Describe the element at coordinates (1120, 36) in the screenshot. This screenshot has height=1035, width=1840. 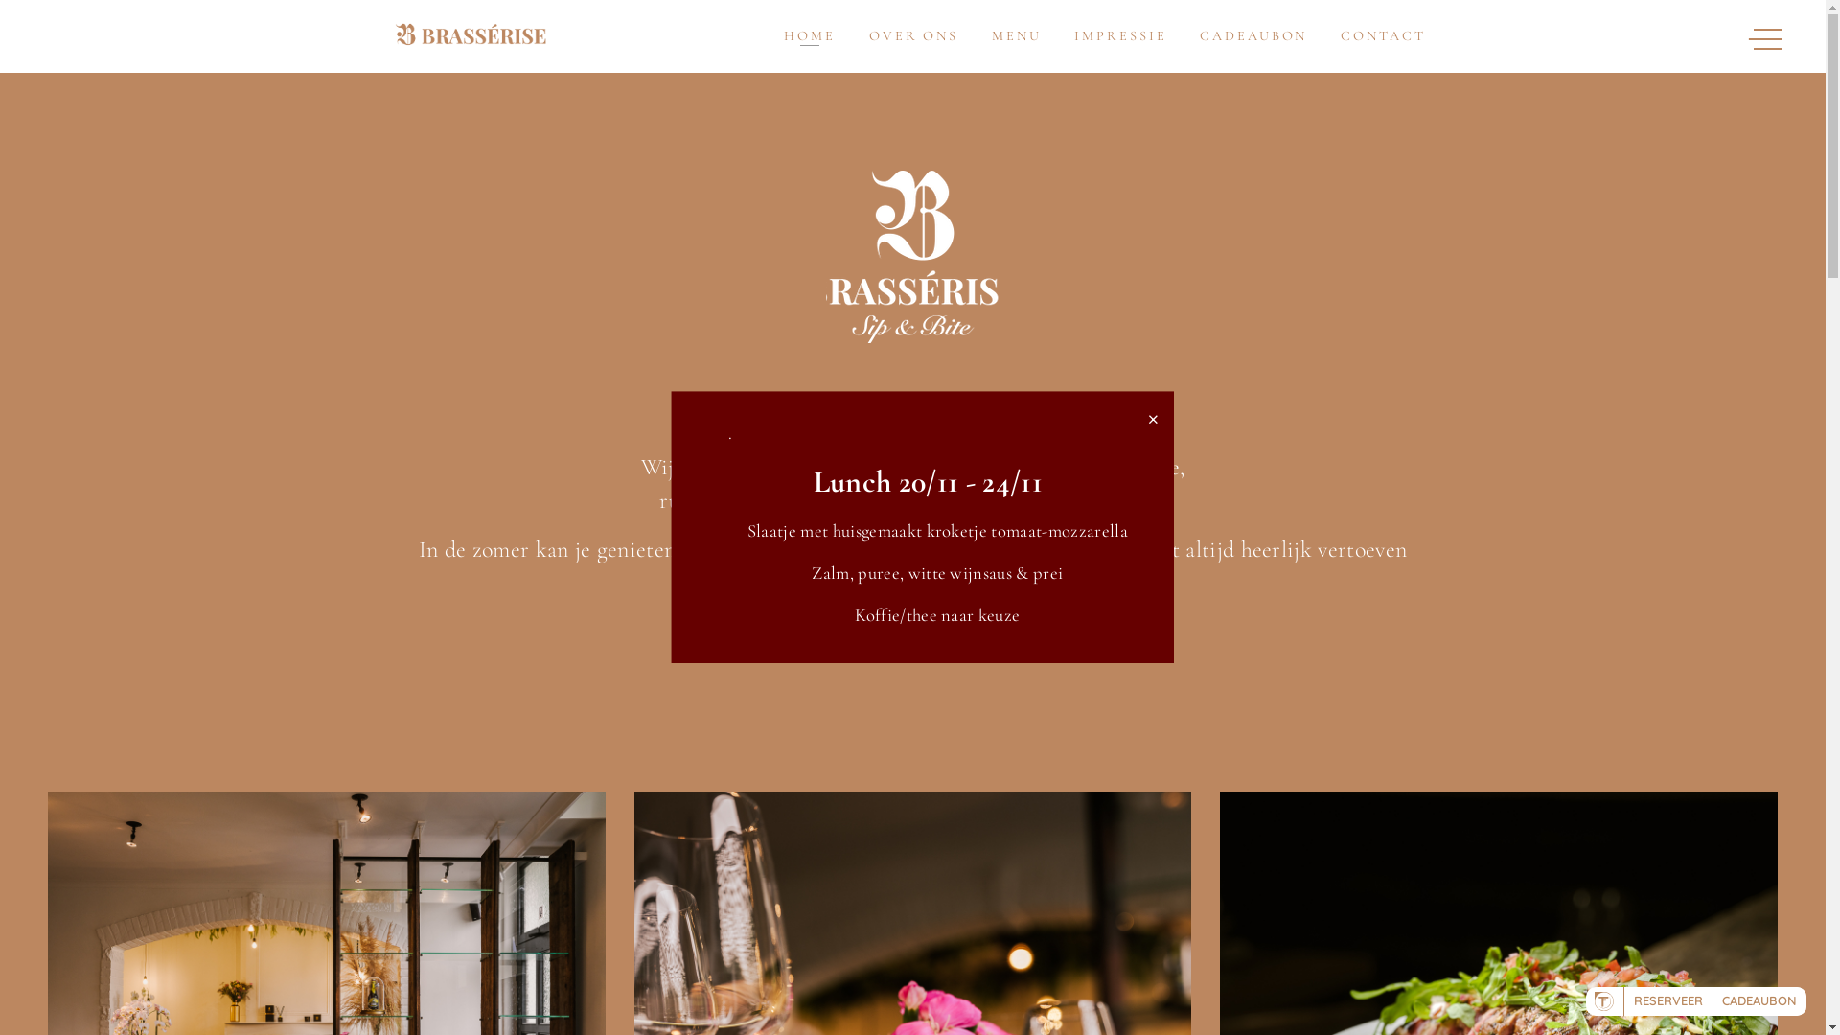
I see `'IMPRESSIE'` at that location.